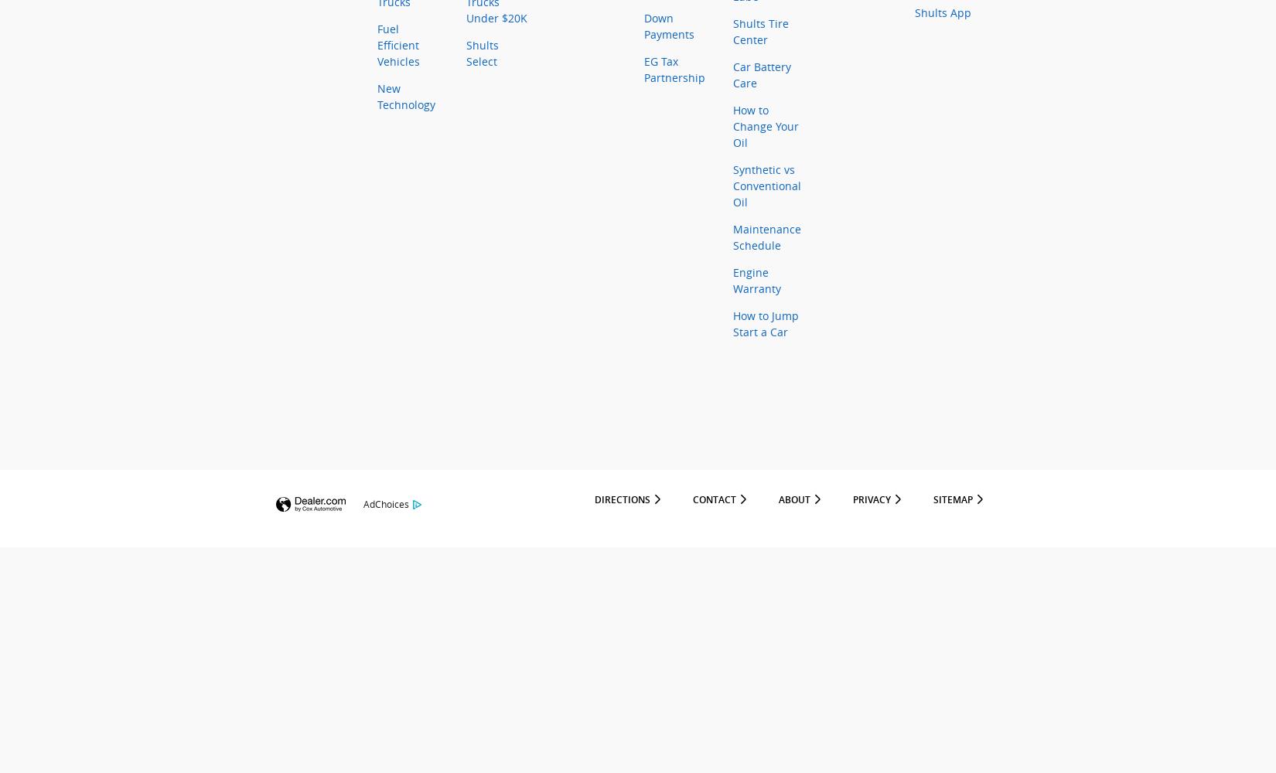 This screenshot has width=1276, height=773. What do you see at coordinates (766, 126) in the screenshot?
I see `'How to Change Your Oil'` at bounding box center [766, 126].